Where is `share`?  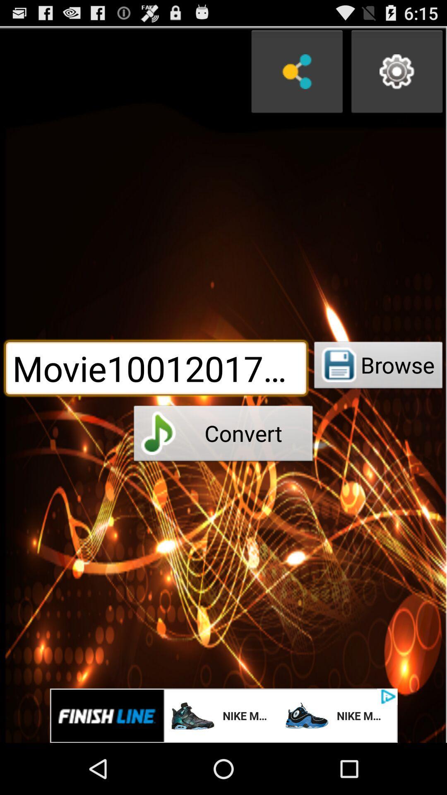 share is located at coordinates (296, 72).